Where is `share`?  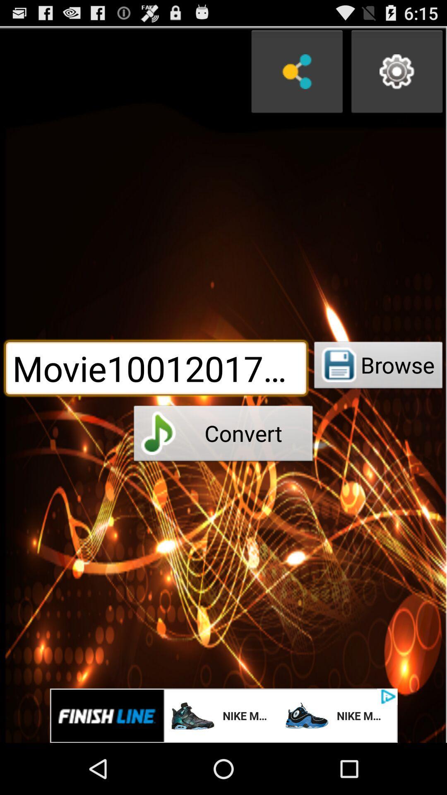 share is located at coordinates (296, 72).